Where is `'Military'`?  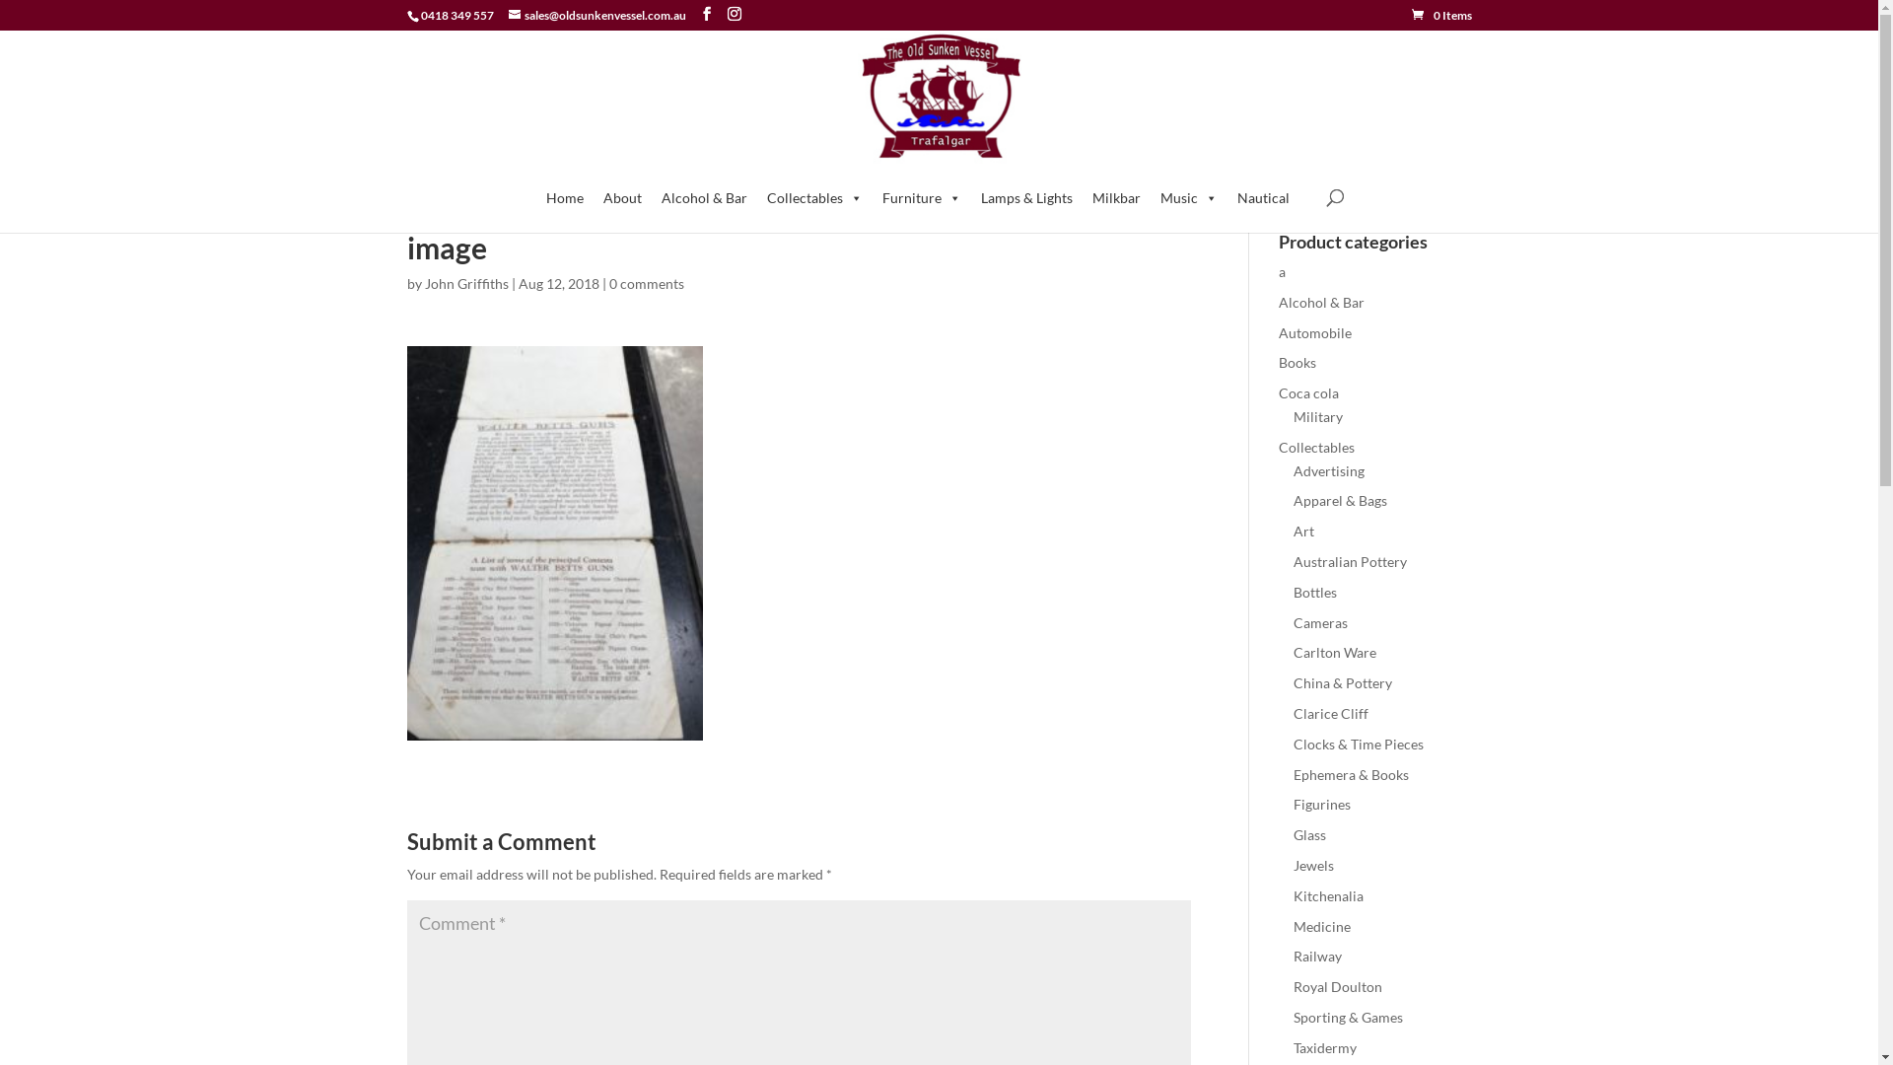 'Military' is located at coordinates (1293, 415).